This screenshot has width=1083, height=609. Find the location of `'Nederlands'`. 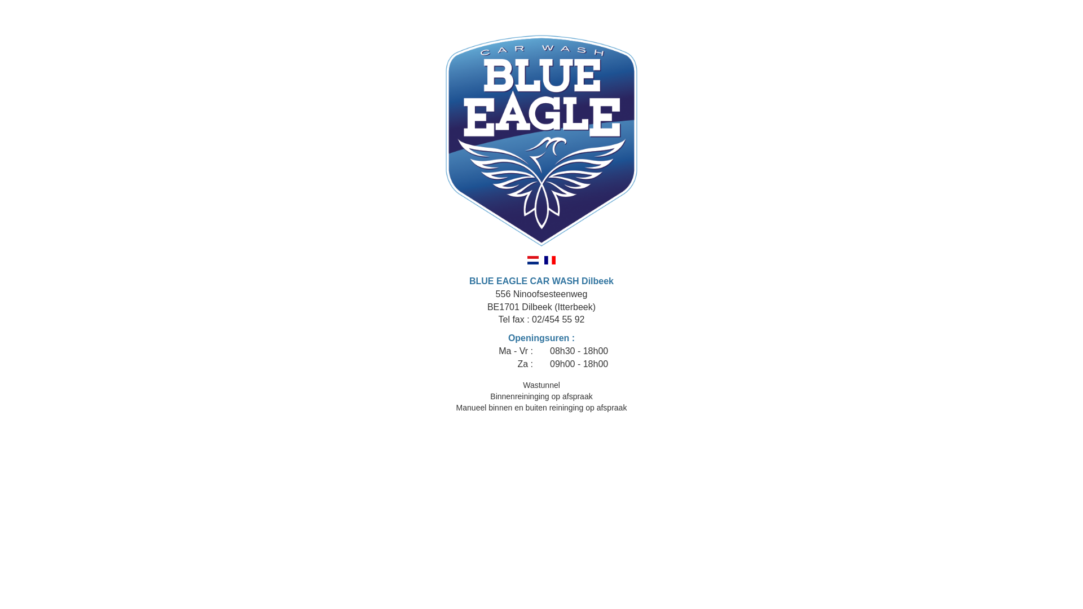

'Nederlands' is located at coordinates (532, 260).